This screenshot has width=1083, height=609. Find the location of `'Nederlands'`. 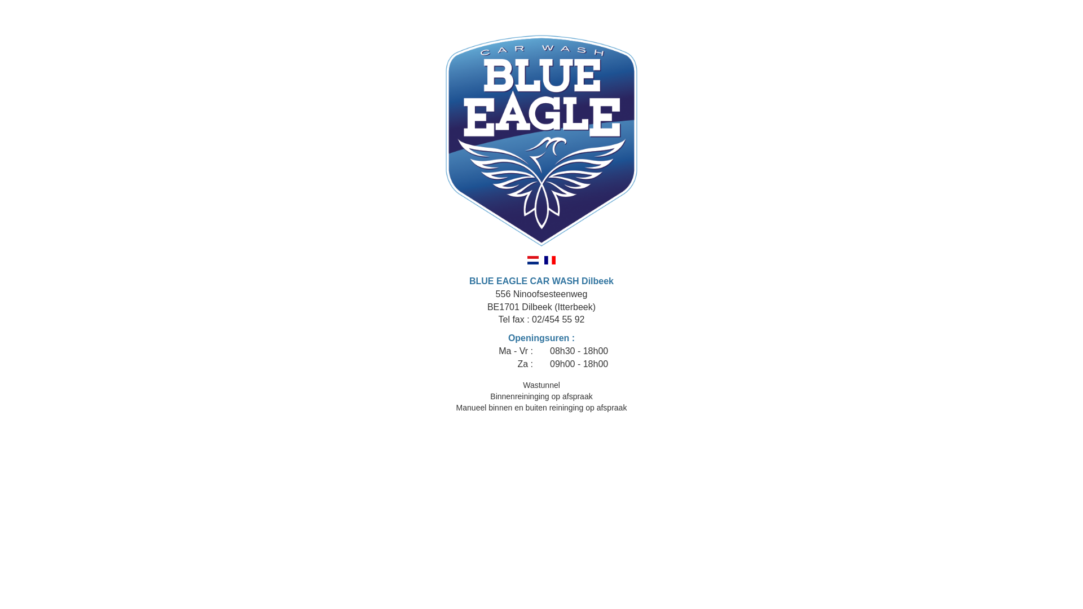

'Nederlands' is located at coordinates (532, 260).